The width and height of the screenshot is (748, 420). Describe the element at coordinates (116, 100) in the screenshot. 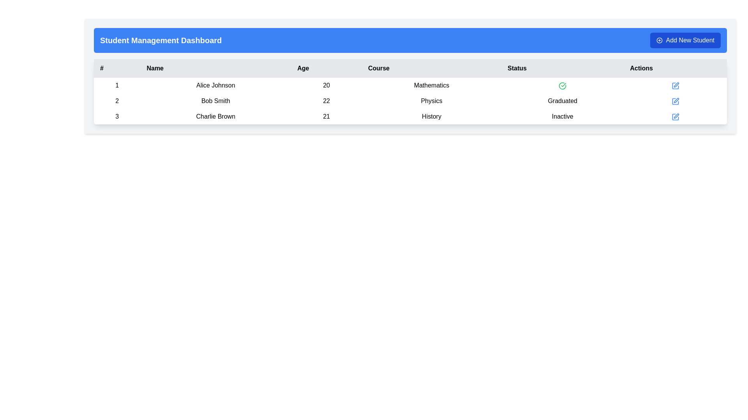

I see `the Text Label displaying the bold number '2' in the first column of the second row of the table` at that location.